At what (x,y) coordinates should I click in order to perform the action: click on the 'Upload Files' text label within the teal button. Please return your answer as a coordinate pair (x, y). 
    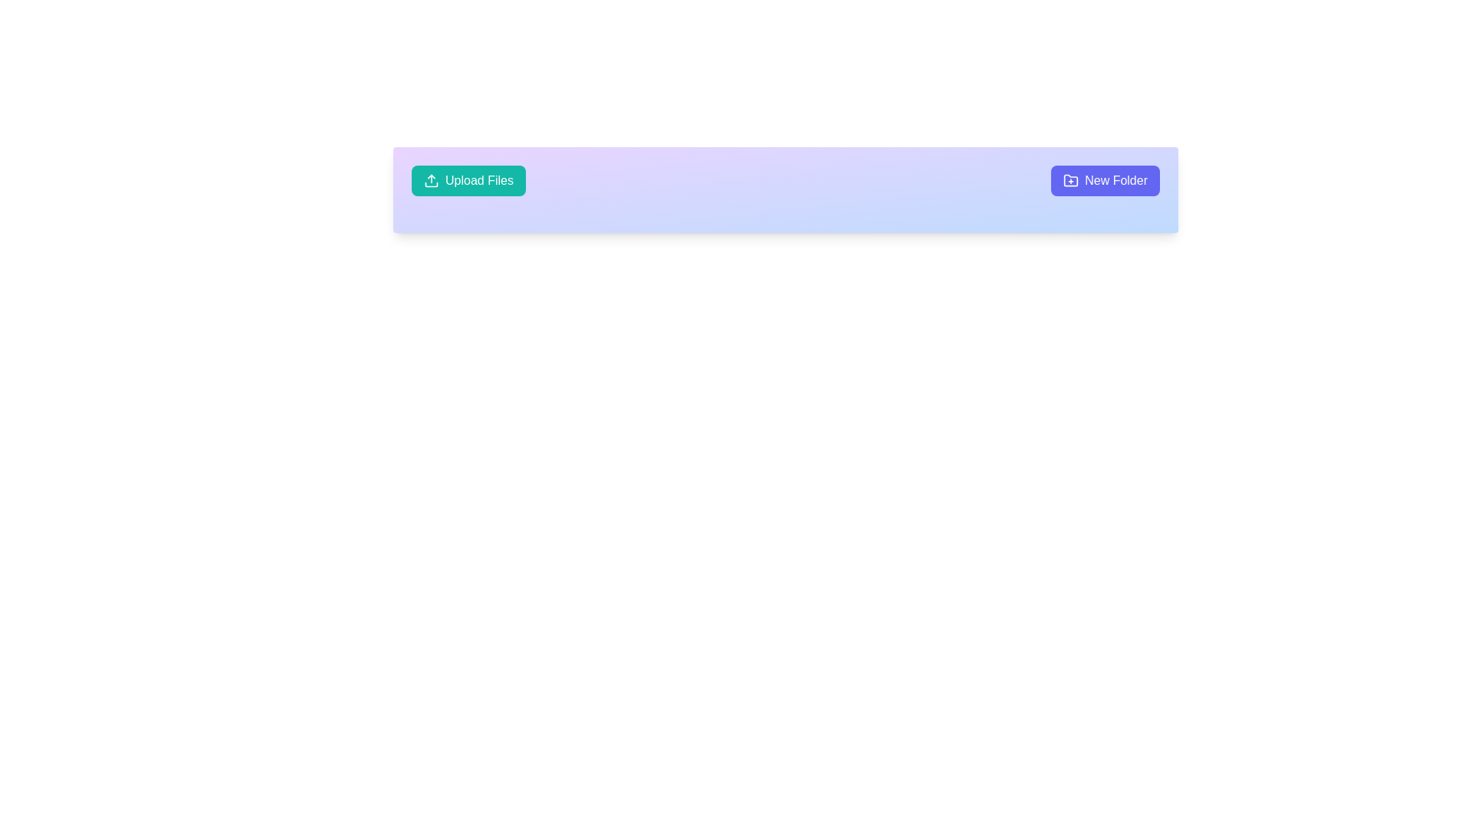
    Looking at the image, I should click on (478, 179).